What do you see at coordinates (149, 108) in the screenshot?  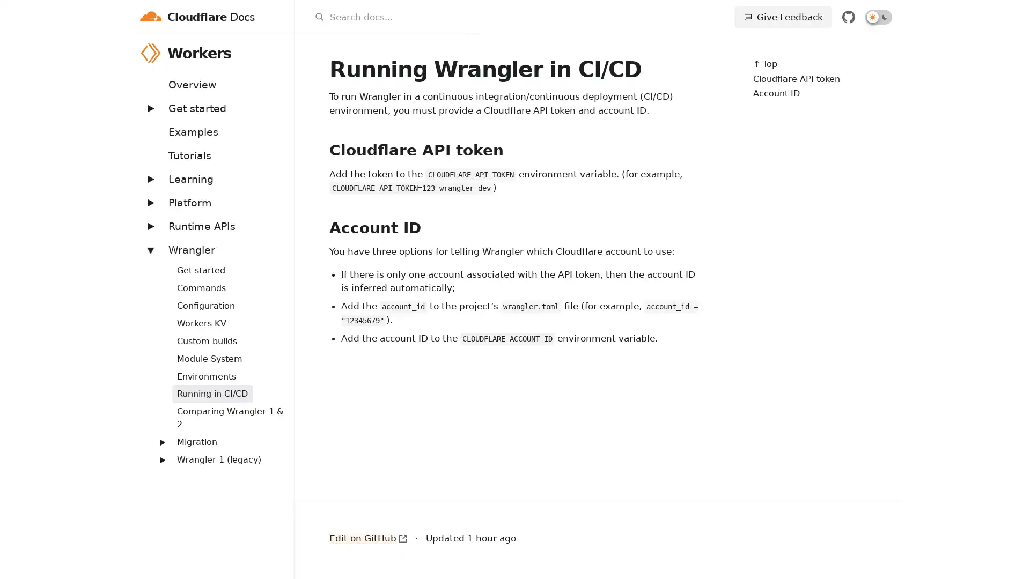 I see `Expand: Get started` at bounding box center [149, 108].